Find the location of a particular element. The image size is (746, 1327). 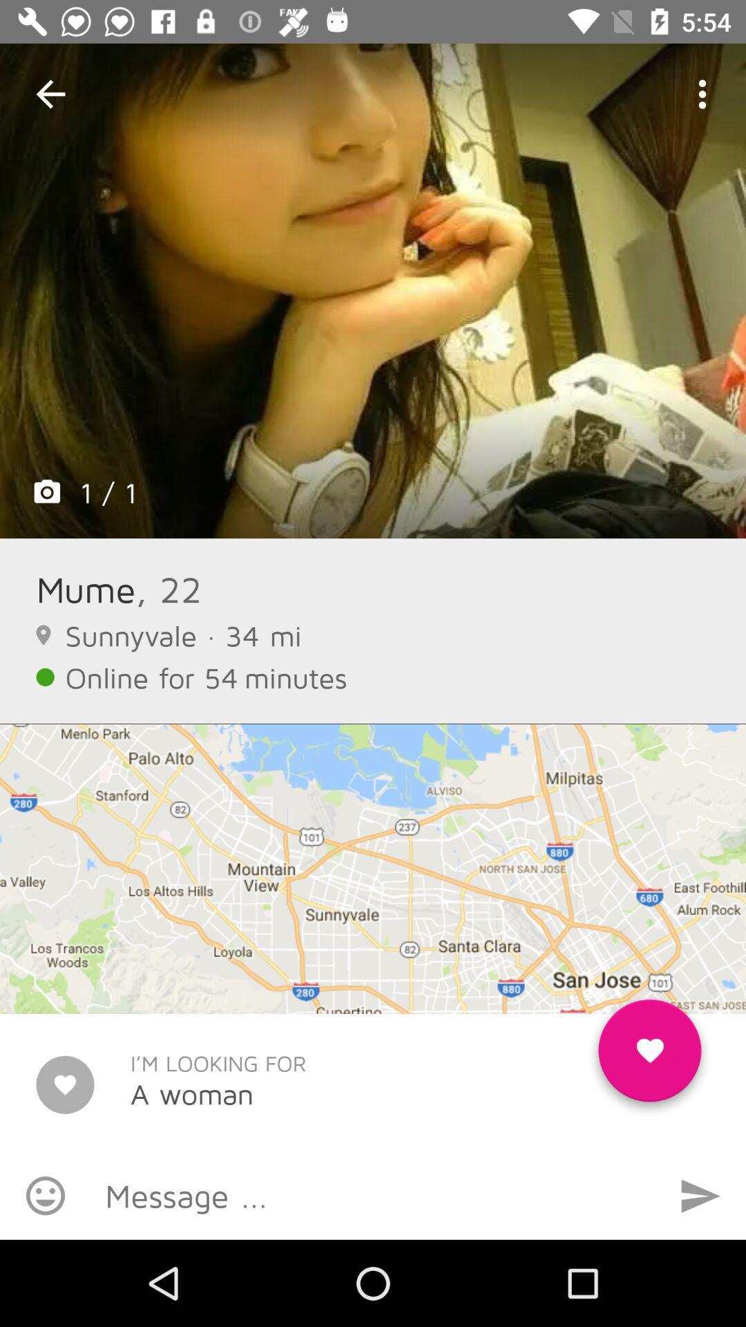

a message is located at coordinates (373, 1194).